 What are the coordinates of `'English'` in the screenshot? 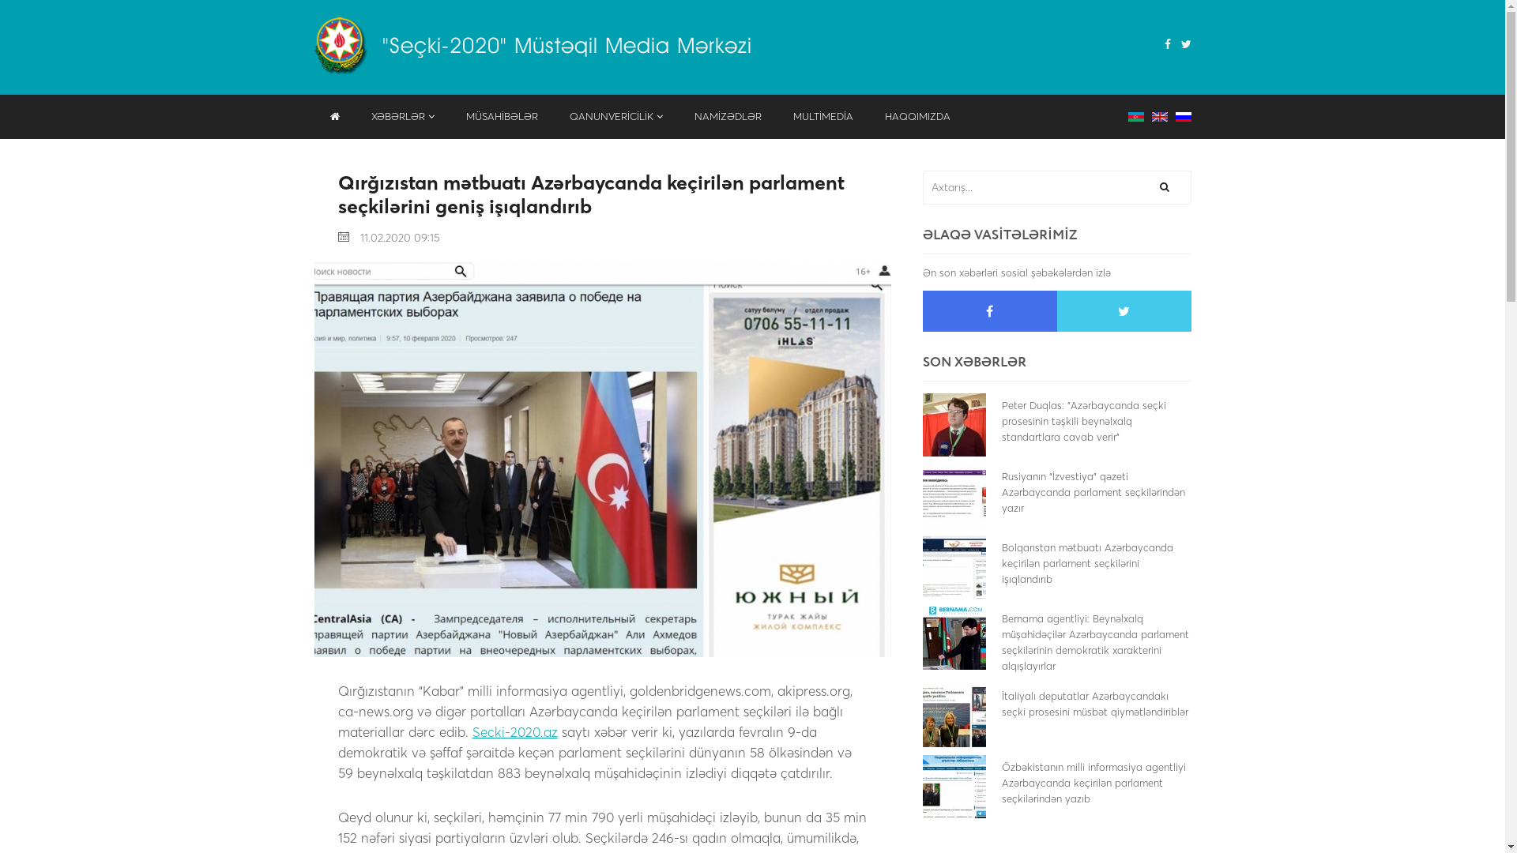 It's located at (1160, 115).